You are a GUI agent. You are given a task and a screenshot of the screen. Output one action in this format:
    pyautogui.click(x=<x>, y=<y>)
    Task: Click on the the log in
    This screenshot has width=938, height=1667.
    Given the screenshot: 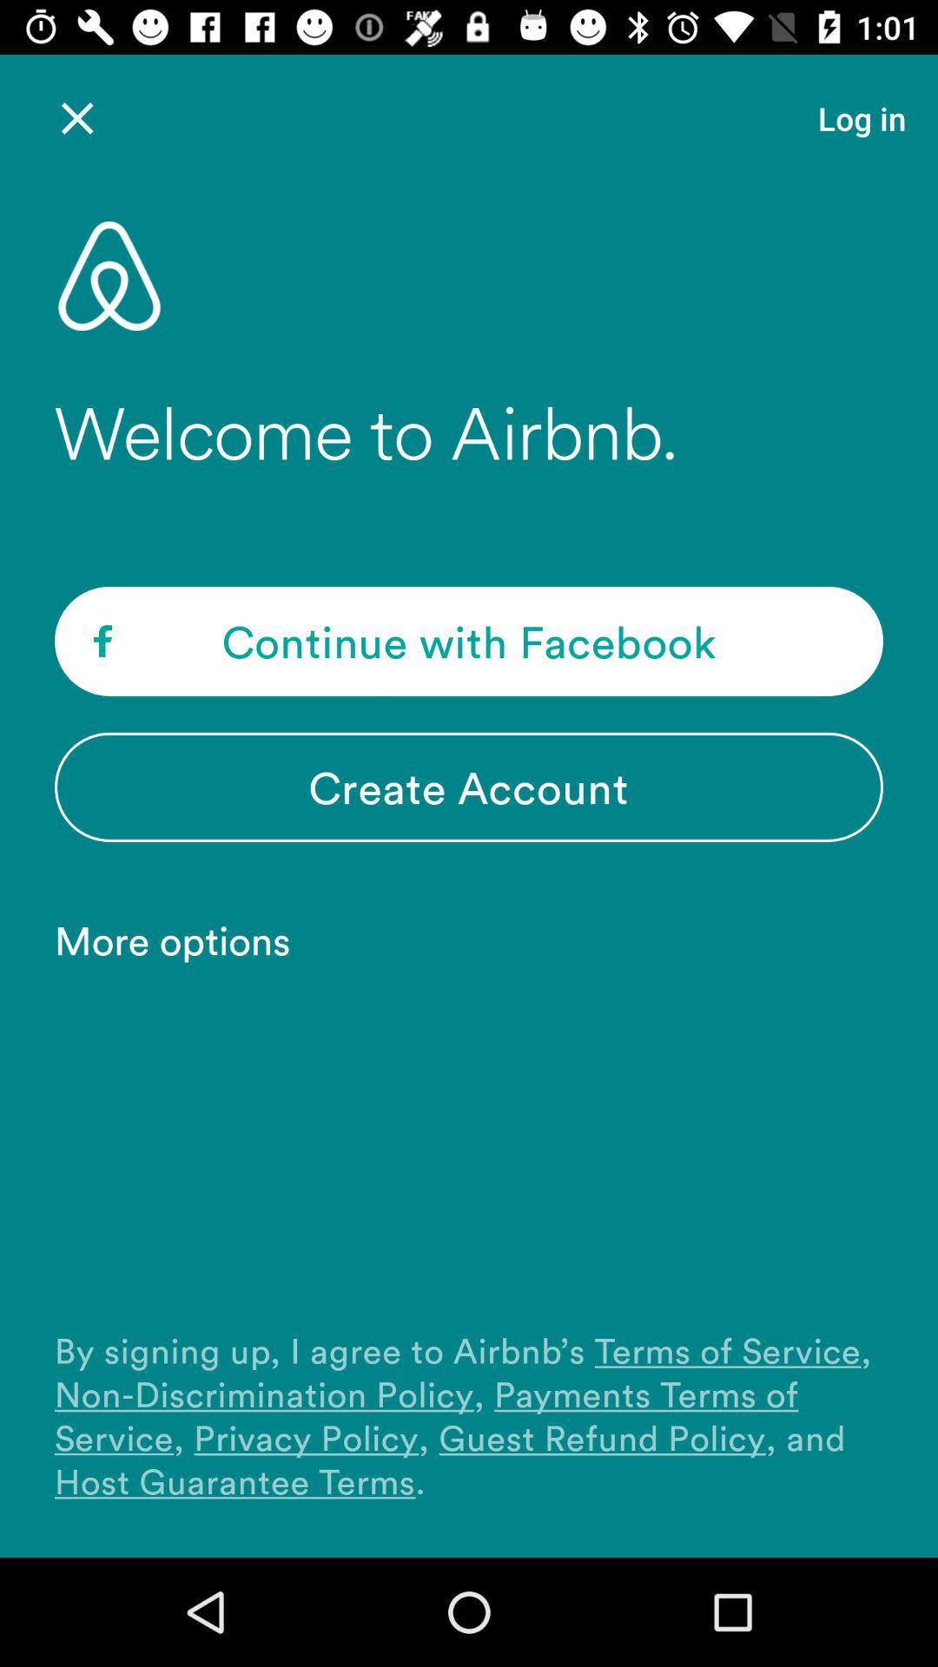 What is the action you would take?
    pyautogui.click(x=862, y=117)
    